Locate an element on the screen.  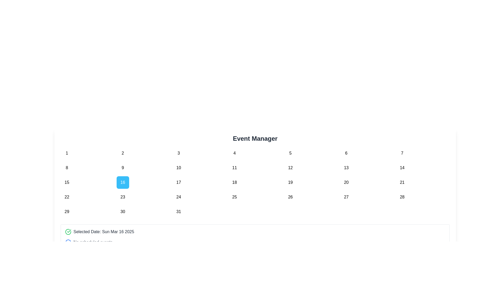
the 'Event Manager' header text for copy by clicking on it is located at coordinates (255, 138).